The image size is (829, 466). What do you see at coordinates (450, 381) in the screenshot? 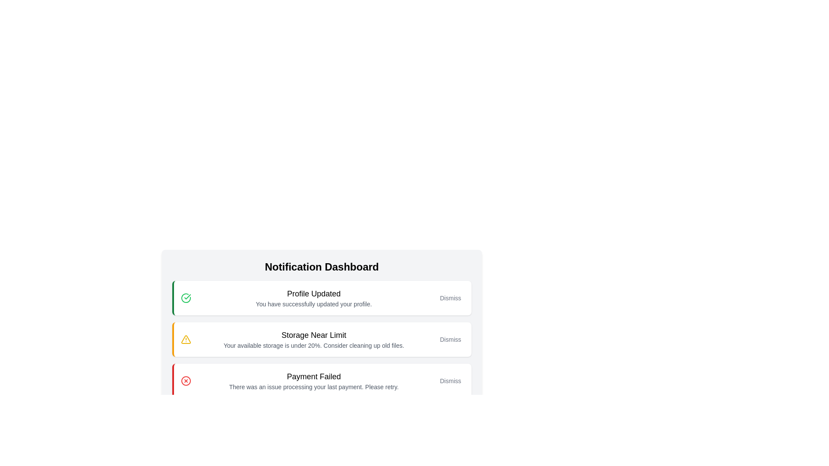
I see `the 'Dismiss' button located at the far-right corner of the 'Payment Failed' notification block` at bounding box center [450, 381].